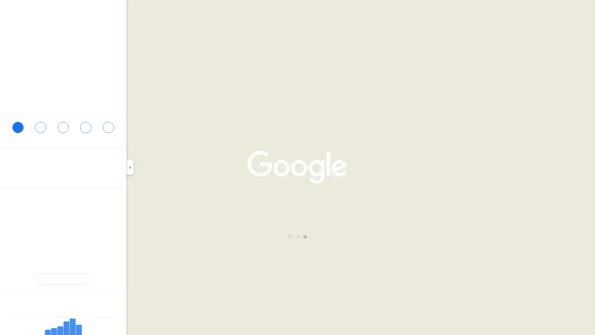  Describe the element at coordinates (117, 322) in the screenshot. I see `Go to the next day` at that location.